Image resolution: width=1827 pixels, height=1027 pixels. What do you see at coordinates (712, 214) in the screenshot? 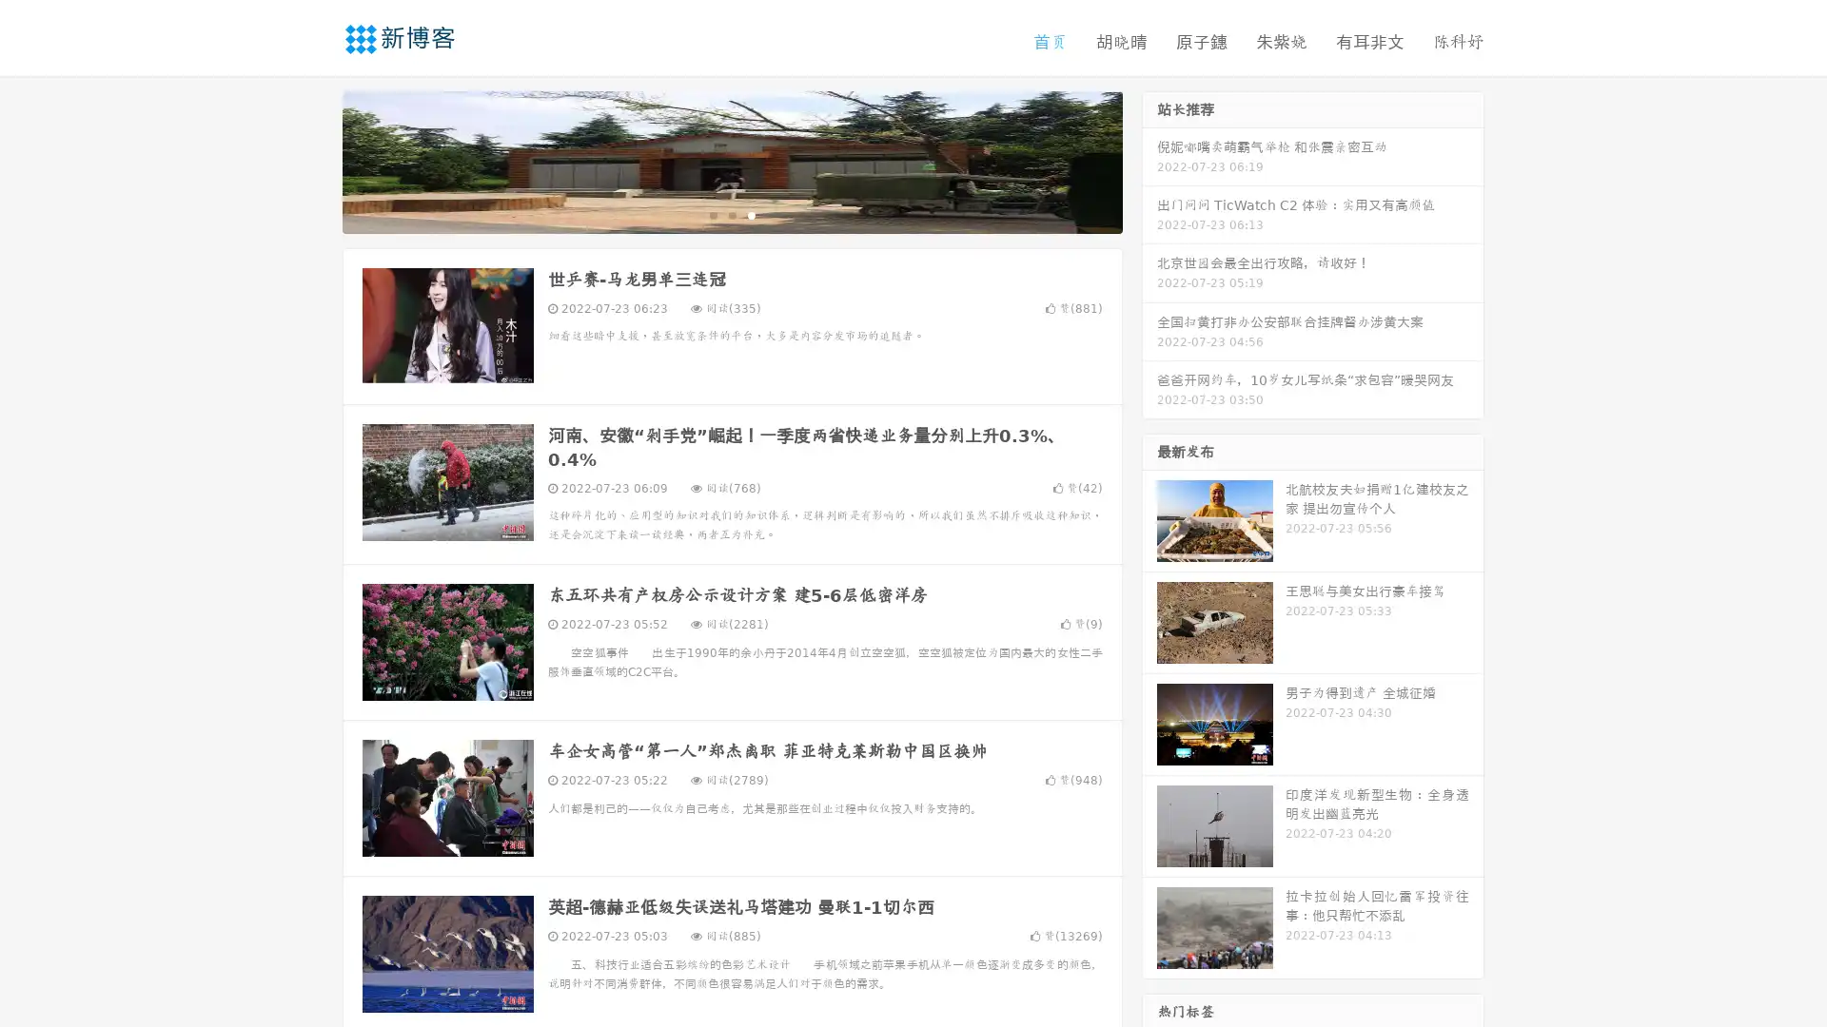
I see `Go to slide 1` at bounding box center [712, 214].